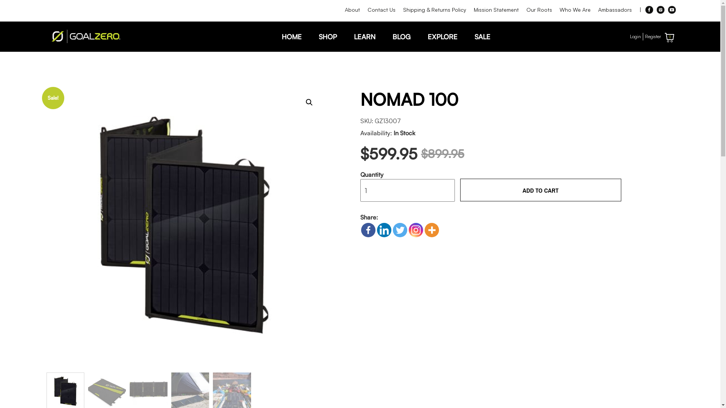 The height and width of the screenshot is (408, 726). What do you see at coordinates (291, 36) in the screenshot?
I see `'HOME'` at bounding box center [291, 36].